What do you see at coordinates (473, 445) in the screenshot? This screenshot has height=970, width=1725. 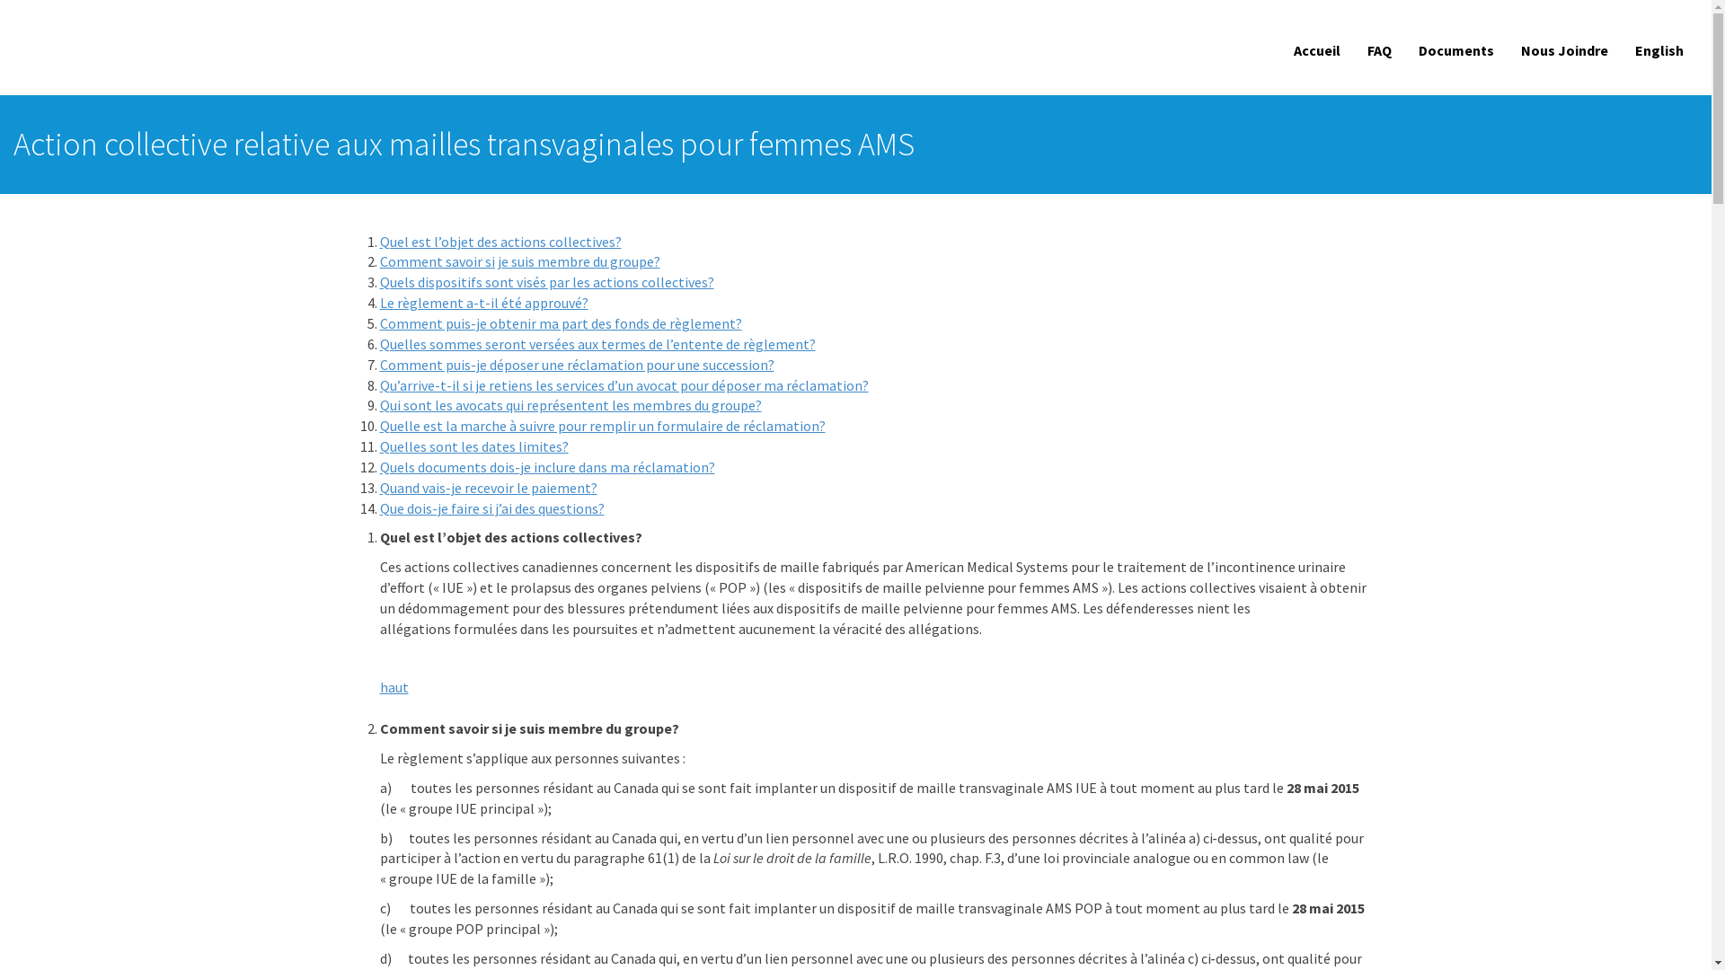 I see `'Quelles sont les dates limites?'` at bounding box center [473, 445].